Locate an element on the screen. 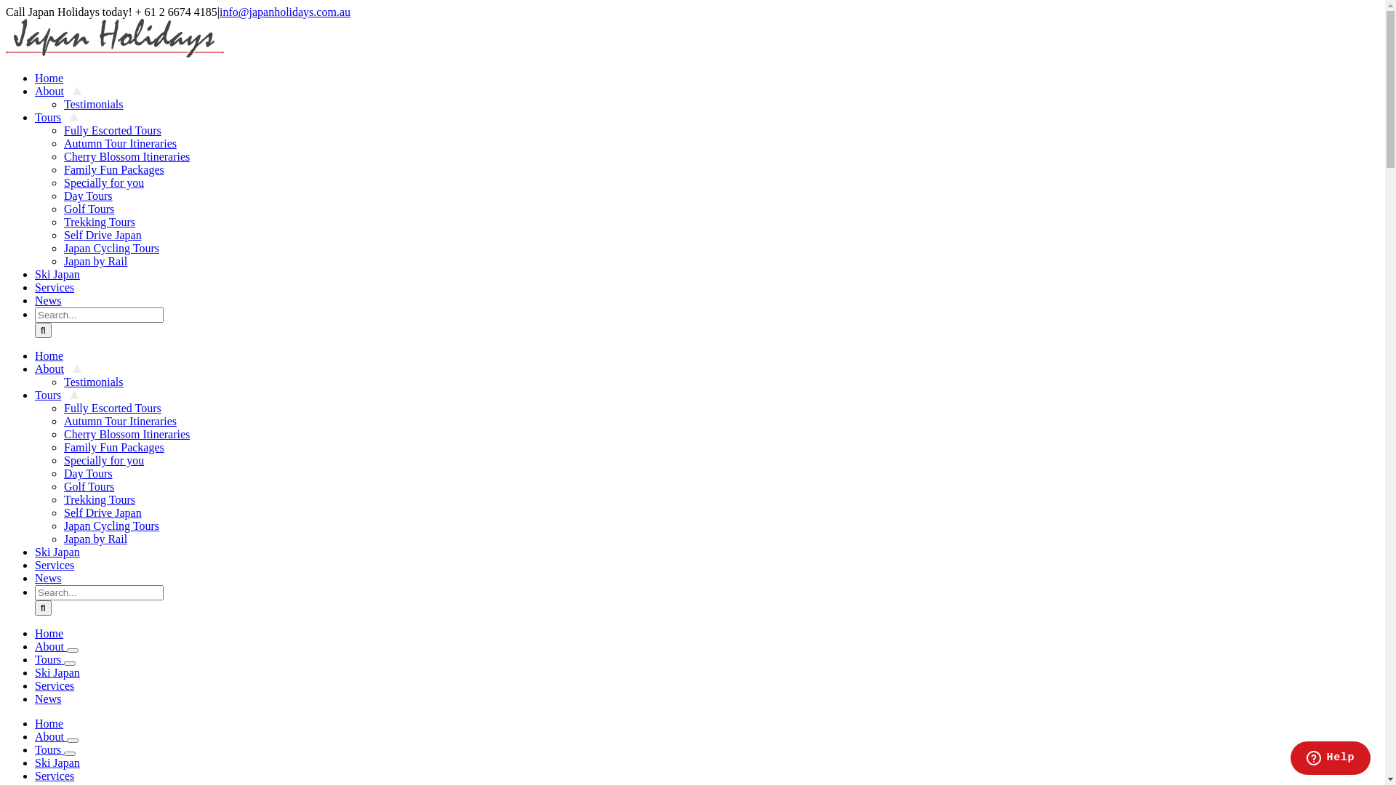 This screenshot has width=1396, height=785. 'Testimonials' is located at coordinates (93, 381).